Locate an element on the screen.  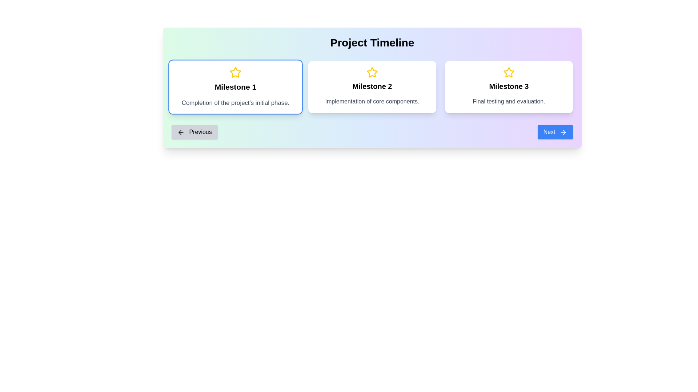
the first milestone card in the project timeline is located at coordinates (236, 86).